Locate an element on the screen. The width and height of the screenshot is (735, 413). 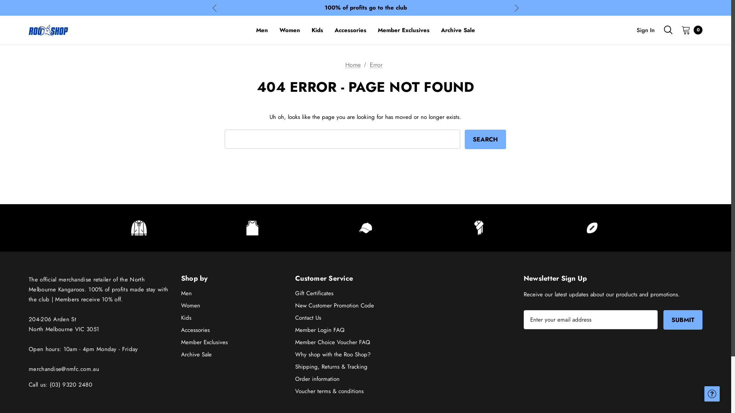
'Accessories' is located at coordinates (195, 330).